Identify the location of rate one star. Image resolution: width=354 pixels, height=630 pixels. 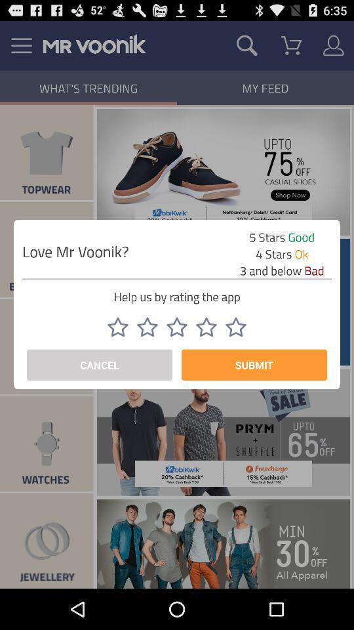
(117, 326).